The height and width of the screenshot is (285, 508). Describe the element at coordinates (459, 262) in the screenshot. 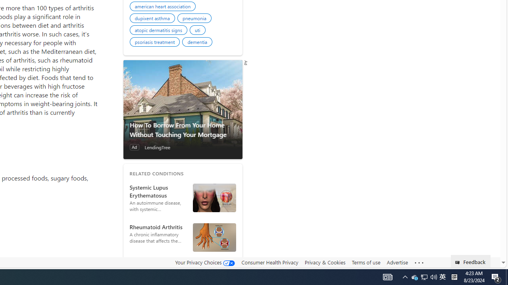

I see `'Class: feedback_link_icon-DS-EntryPoint1-1'` at that location.